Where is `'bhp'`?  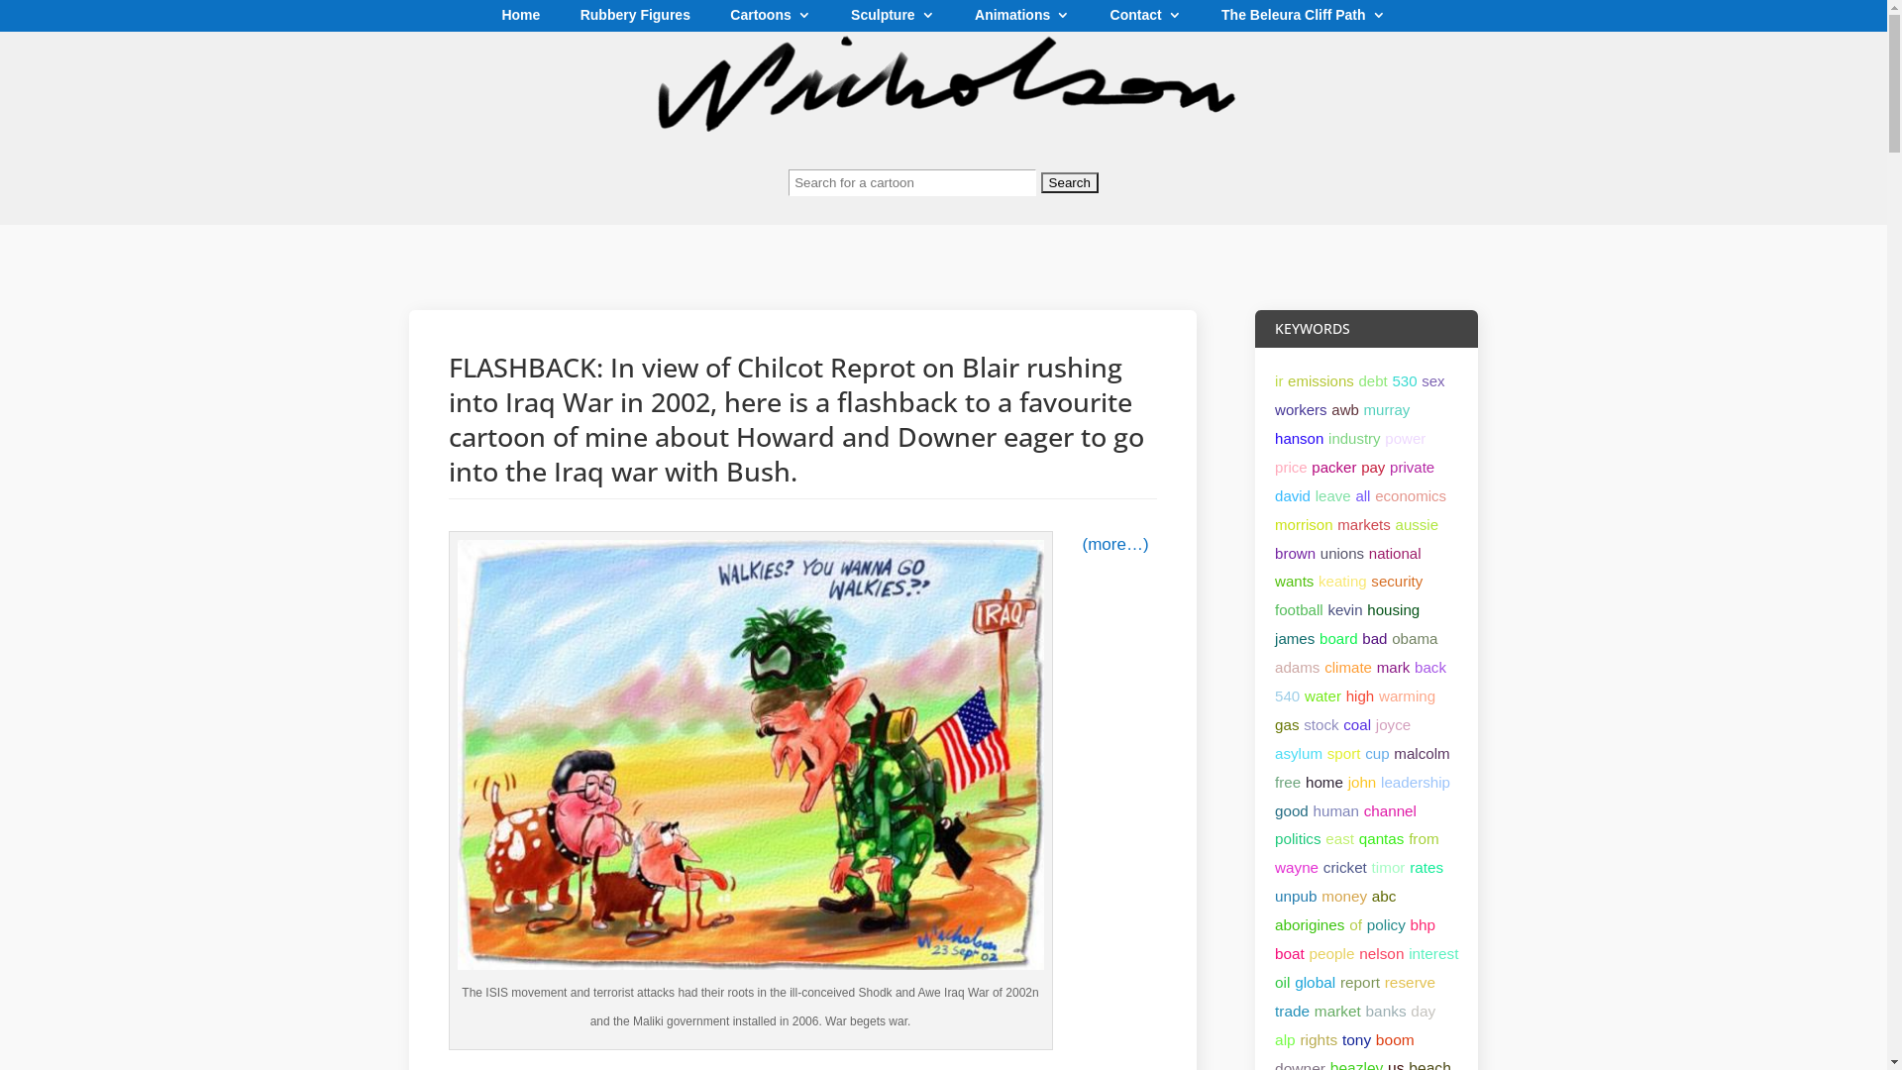 'bhp' is located at coordinates (1422, 924).